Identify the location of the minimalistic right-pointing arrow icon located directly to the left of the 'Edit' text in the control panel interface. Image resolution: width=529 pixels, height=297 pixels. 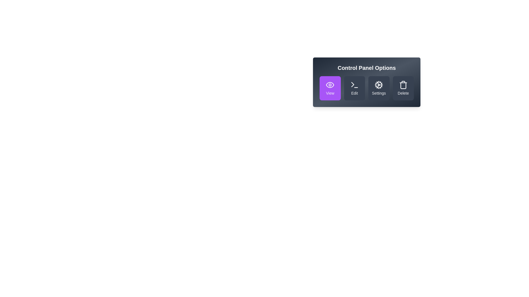
(353, 84).